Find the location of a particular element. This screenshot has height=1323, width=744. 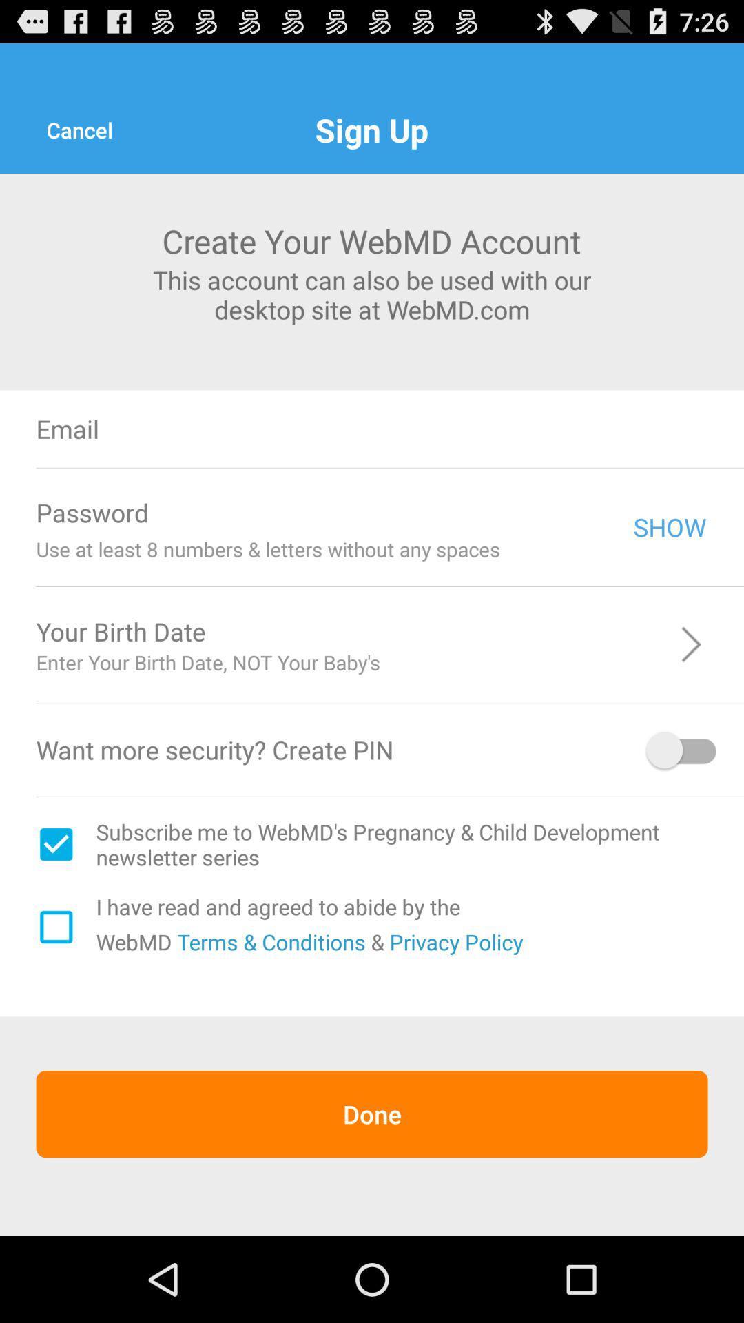

the show icon is located at coordinates (669, 526).